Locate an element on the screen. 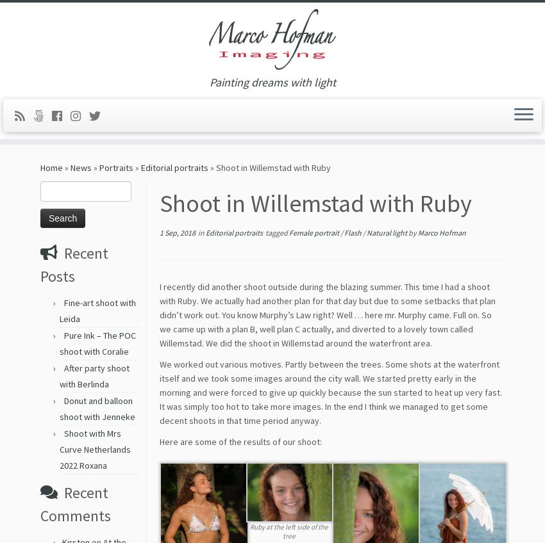  'News' is located at coordinates (80, 172).